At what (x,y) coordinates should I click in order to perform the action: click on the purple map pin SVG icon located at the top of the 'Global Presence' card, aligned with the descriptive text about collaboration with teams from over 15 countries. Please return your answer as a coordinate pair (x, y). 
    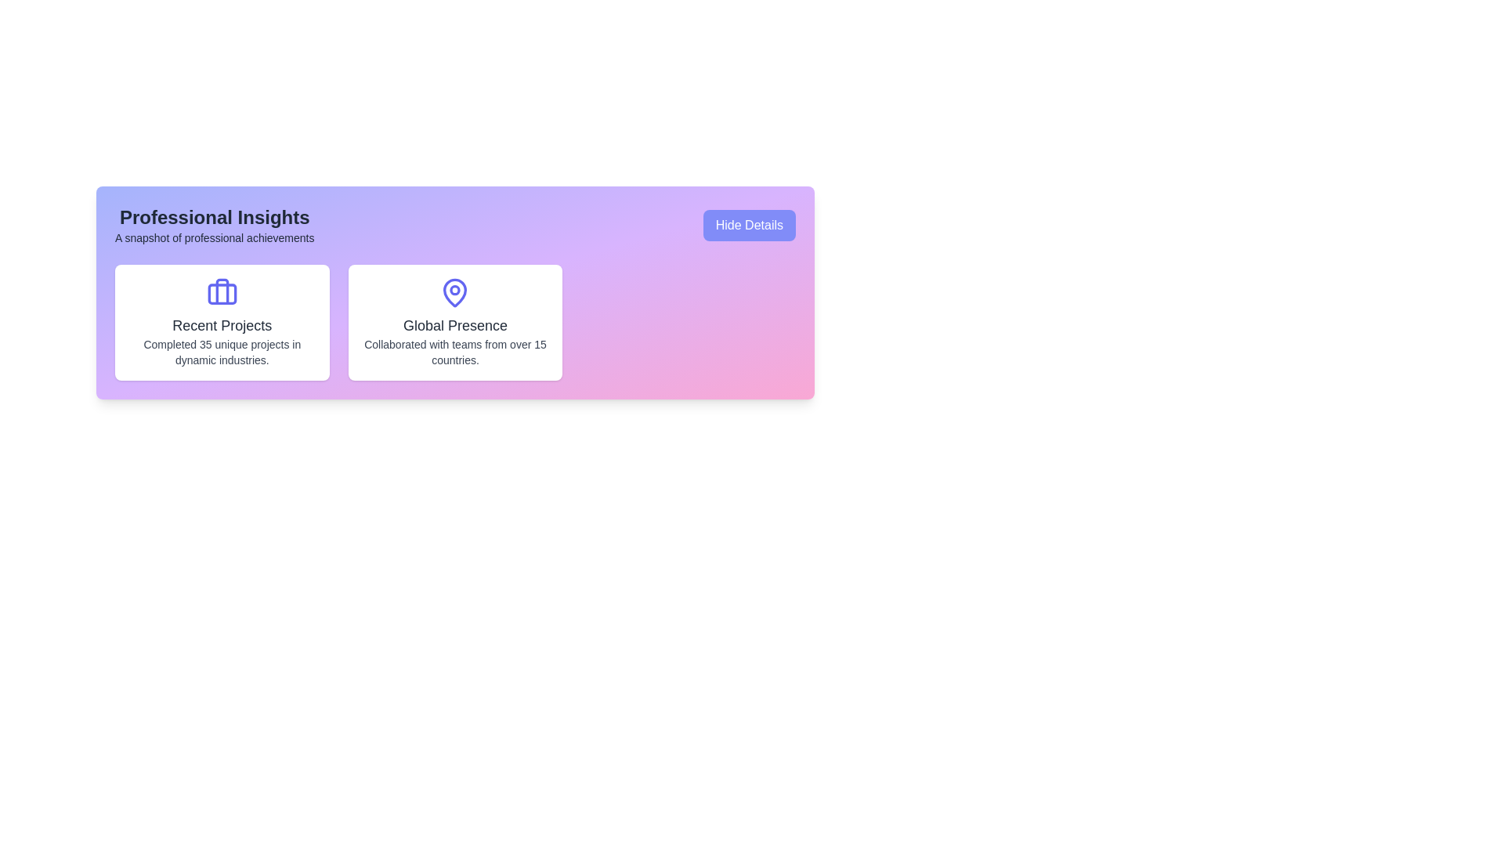
    Looking at the image, I should click on (454, 293).